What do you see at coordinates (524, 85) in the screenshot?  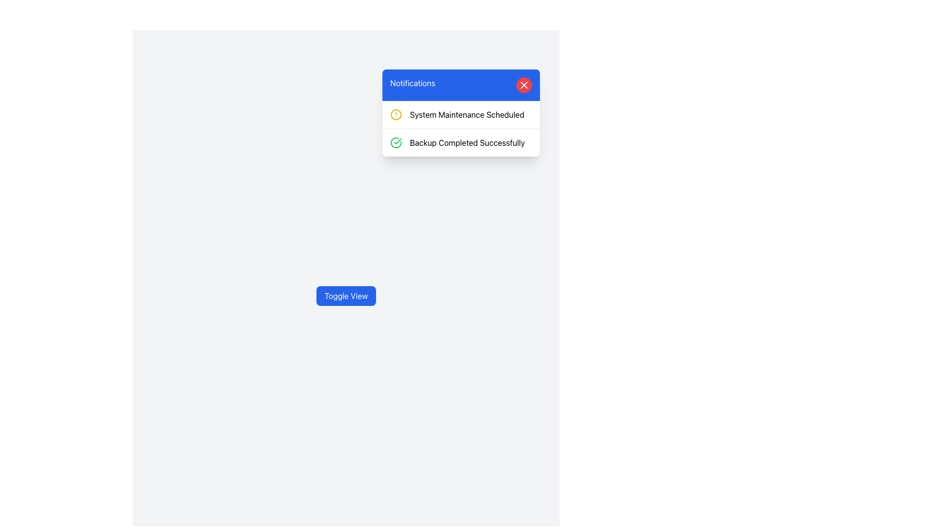 I see `the close button in the top-right corner of the notification panel` at bounding box center [524, 85].